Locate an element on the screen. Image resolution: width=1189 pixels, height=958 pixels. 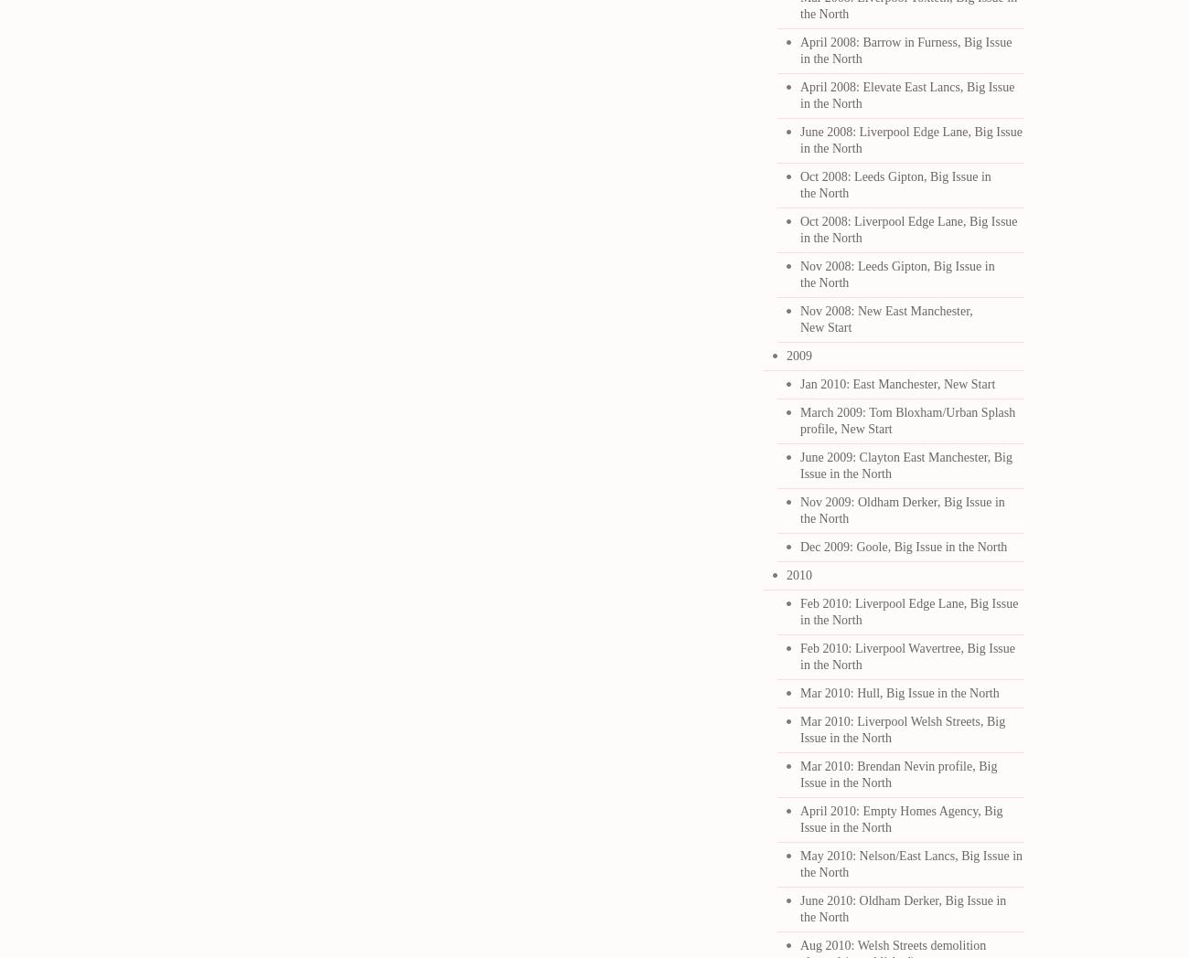
'Oct 2008: Liverpool Edge Lane, Big Issue in the North' is located at coordinates (907, 229).